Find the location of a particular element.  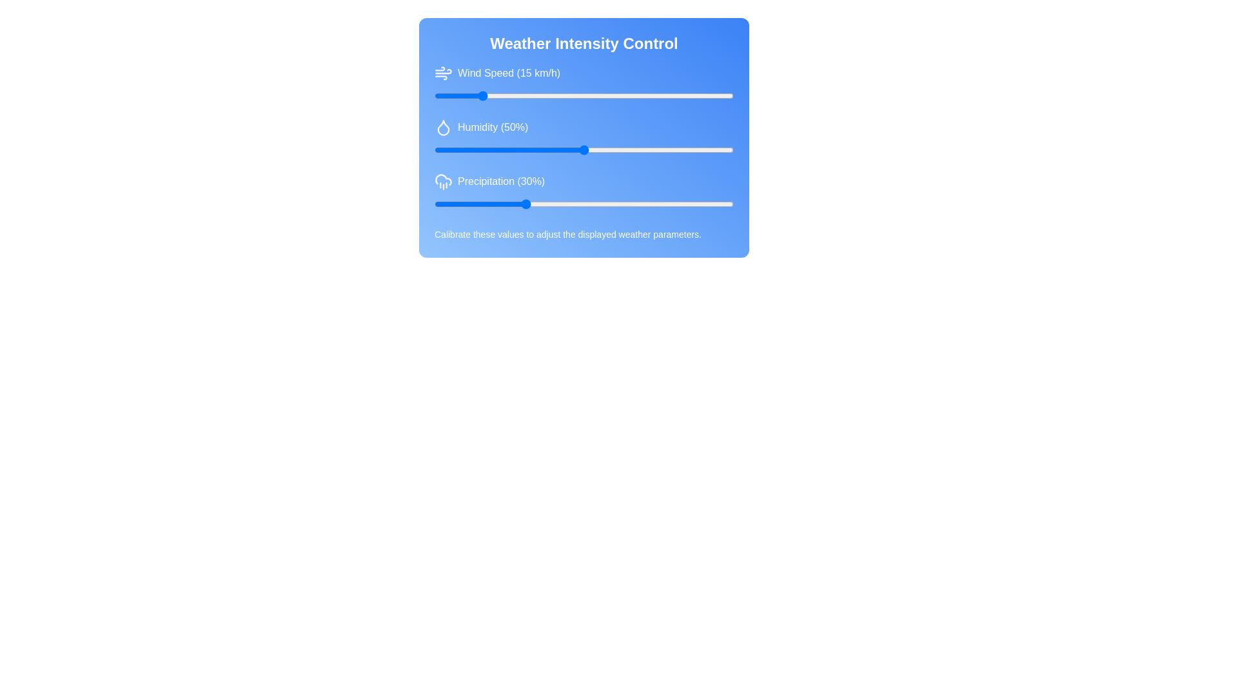

the humidity is located at coordinates (437, 149).